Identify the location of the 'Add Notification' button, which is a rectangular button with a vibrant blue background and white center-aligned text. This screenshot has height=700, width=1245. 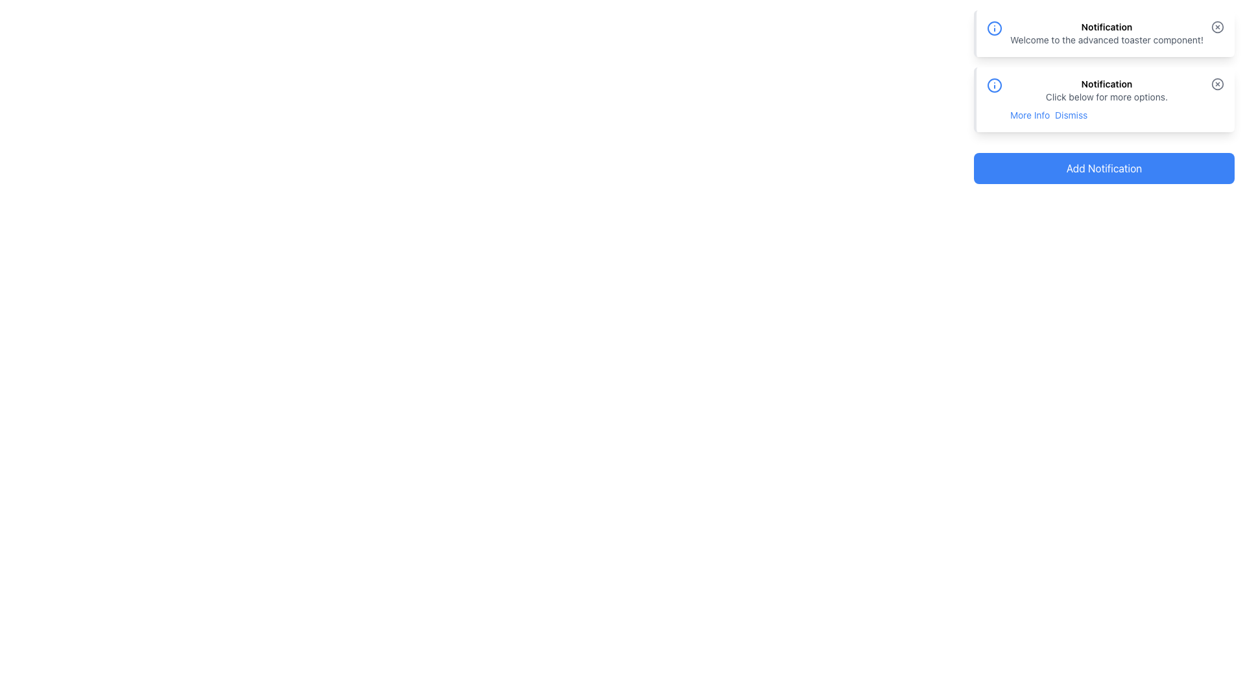
(1104, 167).